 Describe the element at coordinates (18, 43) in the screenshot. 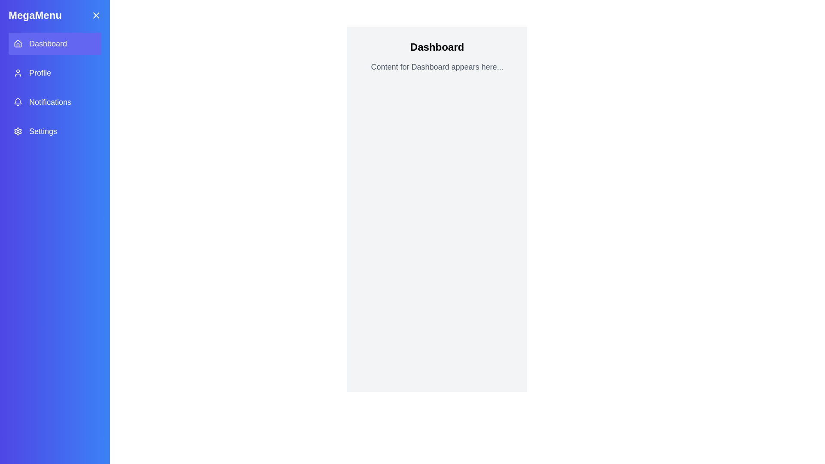

I see `the house icon representing the 'Dashboard' menu item` at that location.